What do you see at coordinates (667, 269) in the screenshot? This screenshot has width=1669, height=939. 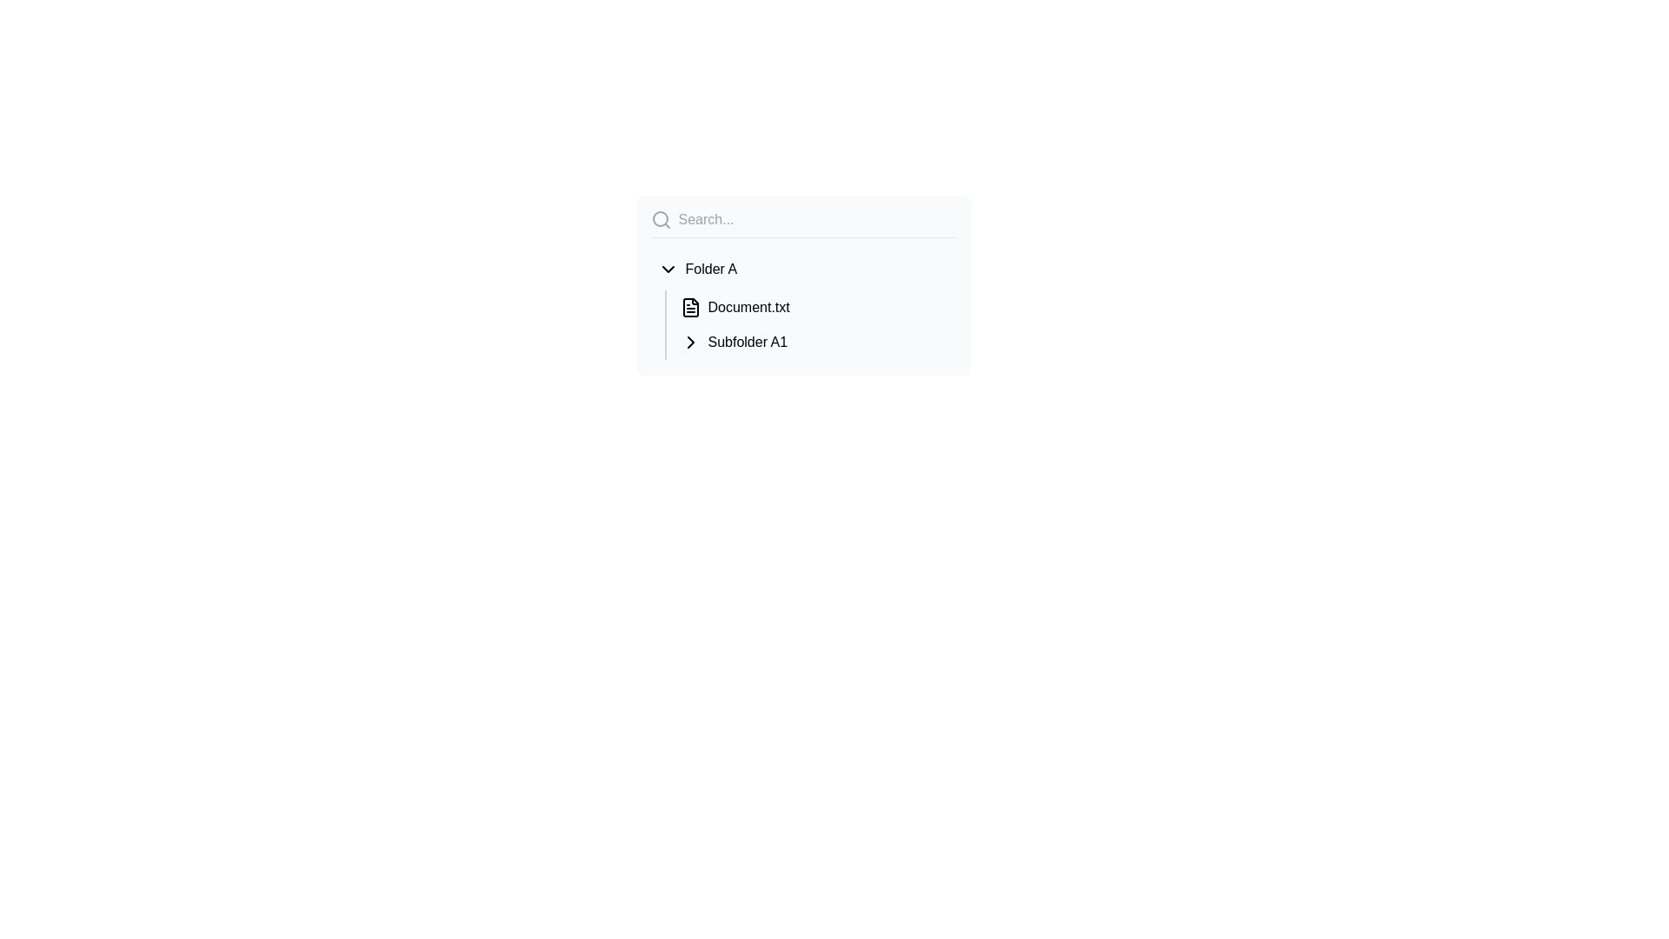 I see `the chevron-down icon` at bounding box center [667, 269].